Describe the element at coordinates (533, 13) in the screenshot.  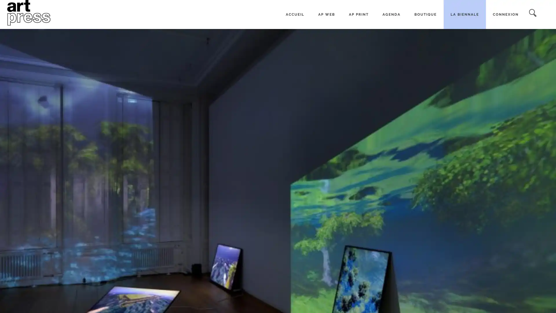
I see `Rechercher` at that location.